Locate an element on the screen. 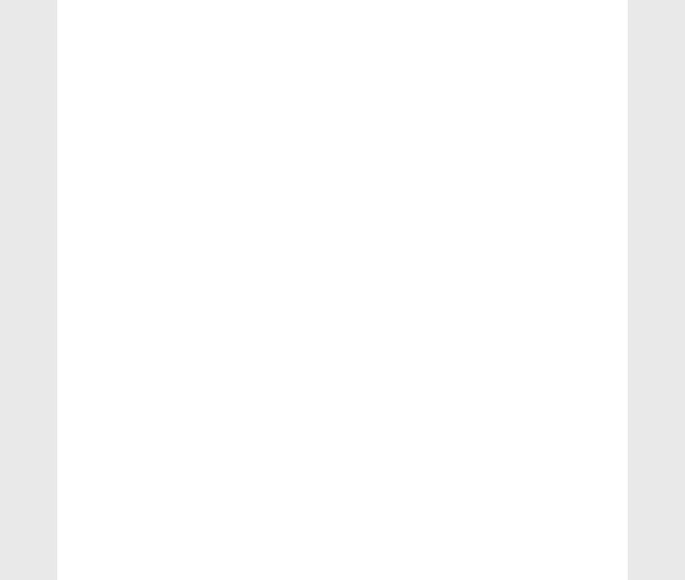  'Relationships amp; Family' is located at coordinates (131, 369).